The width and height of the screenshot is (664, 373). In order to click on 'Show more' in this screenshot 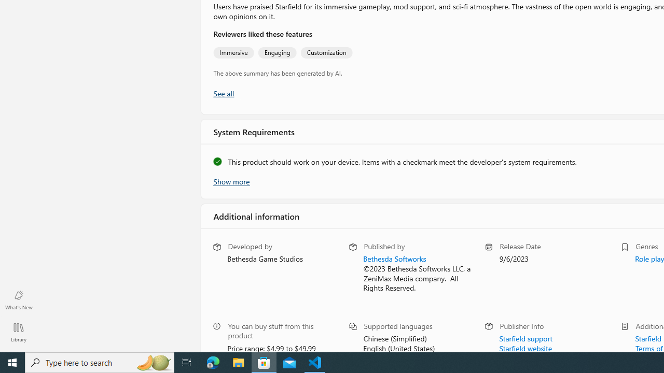, I will do `click(230, 180)`.